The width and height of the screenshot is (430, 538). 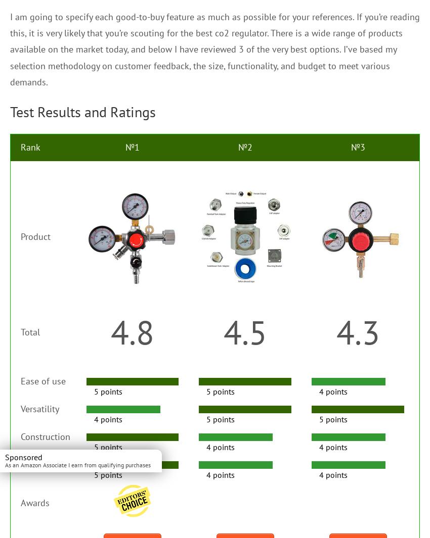 What do you see at coordinates (82, 111) in the screenshot?
I see `'Test Results and Ratings'` at bounding box center [82, 111].